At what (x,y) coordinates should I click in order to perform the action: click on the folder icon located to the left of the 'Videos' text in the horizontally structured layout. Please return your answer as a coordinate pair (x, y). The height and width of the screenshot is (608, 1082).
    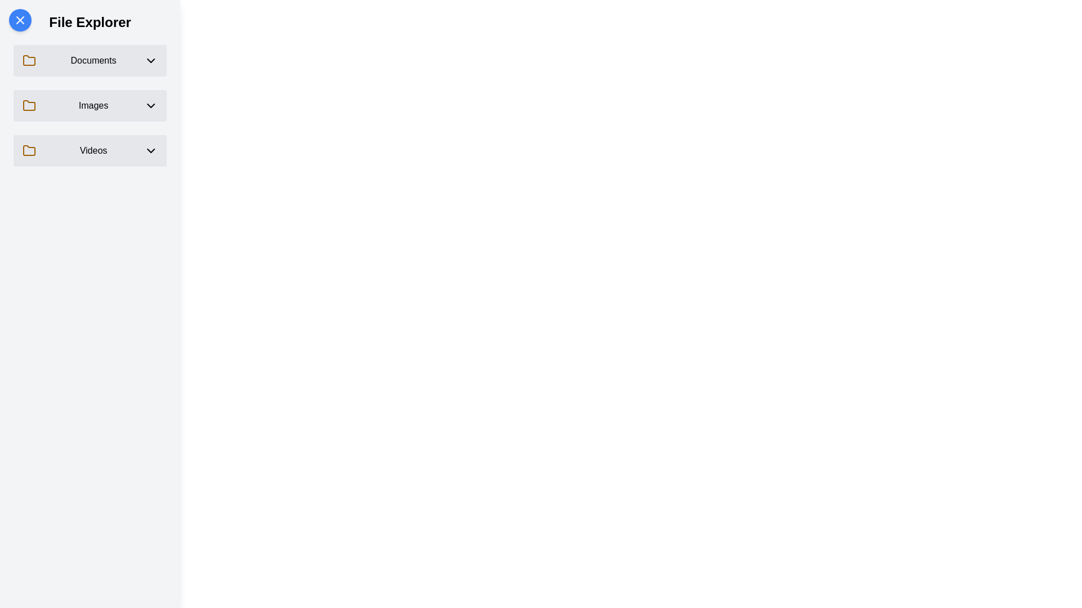
    Looking at the image, I should click on (29, 150).